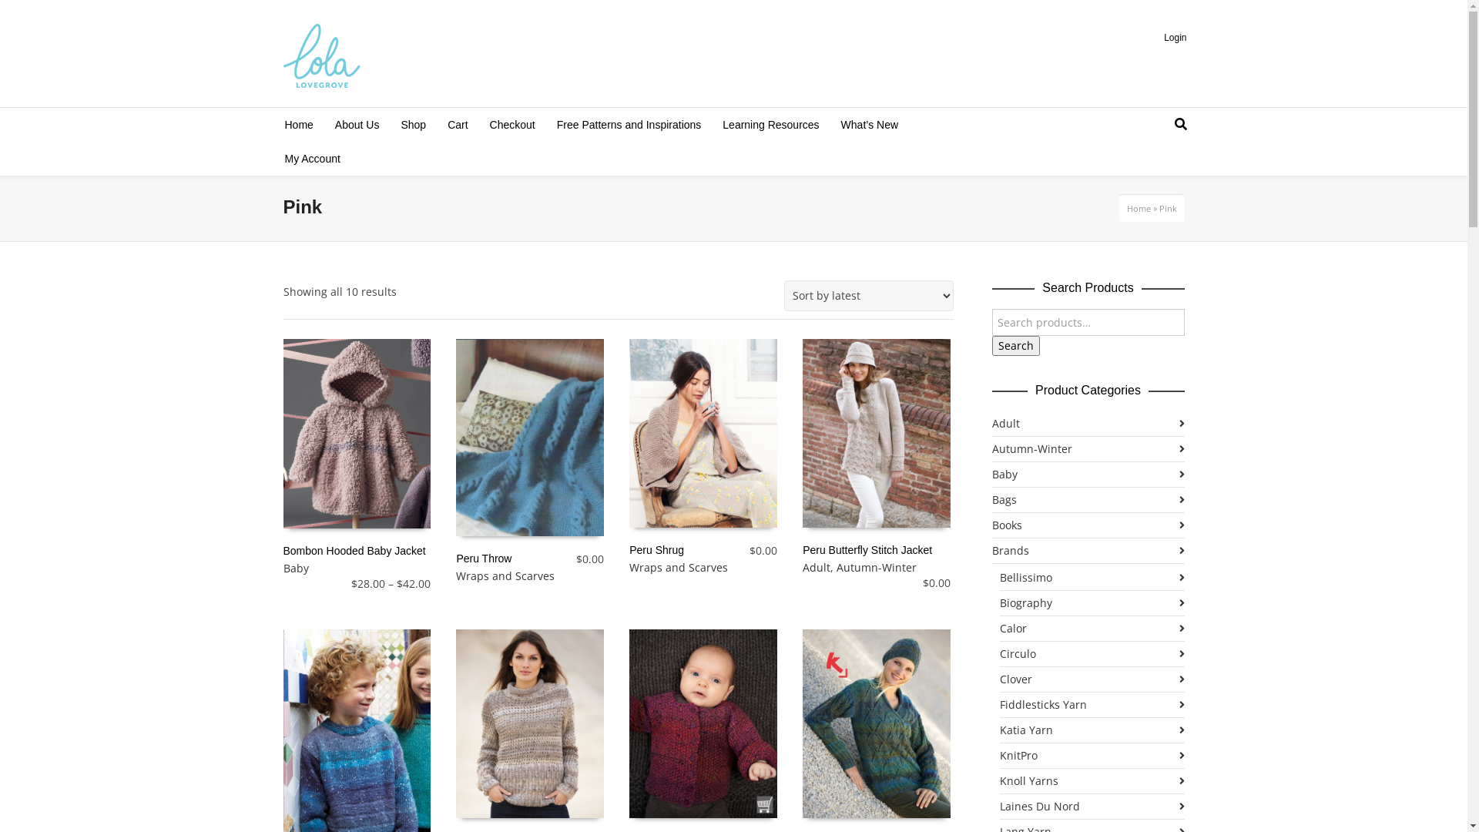  Describe the element at coordinates (999, 679) in the screenshot. I see `'Clover'` at that location.